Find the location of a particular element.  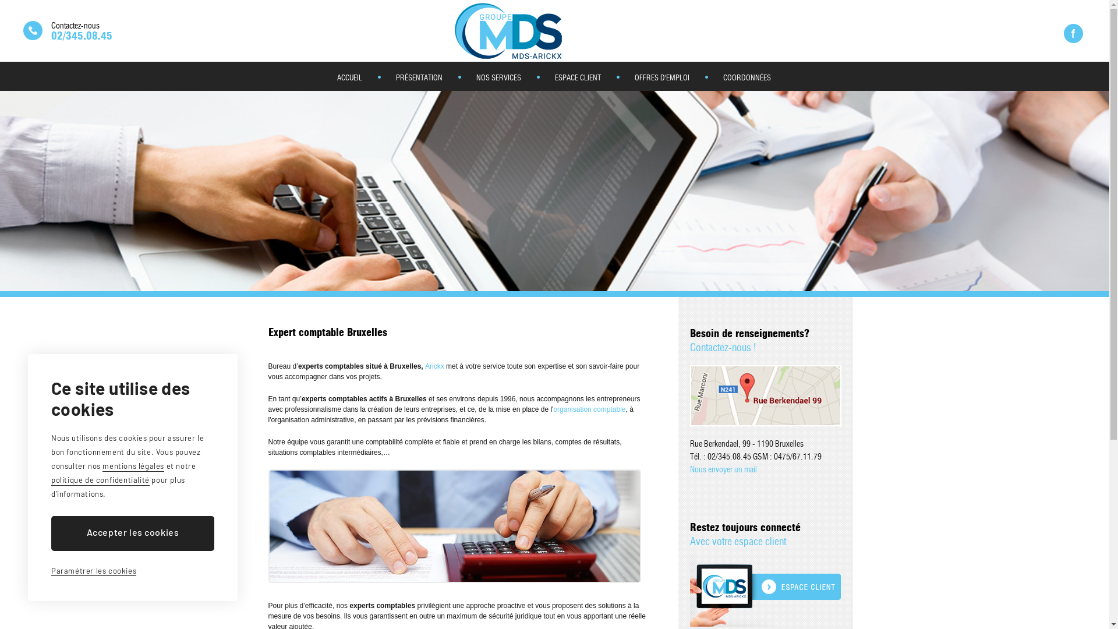

'Arickx' is located at coordinates (424, 365).